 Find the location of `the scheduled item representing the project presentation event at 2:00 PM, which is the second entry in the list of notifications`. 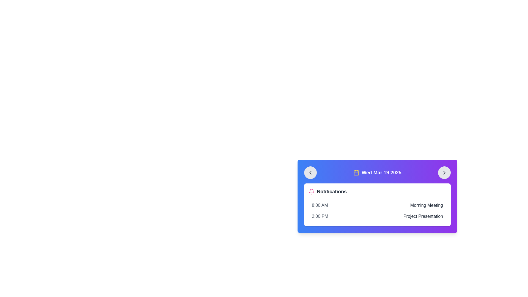

the scheduled item representing the project presentation event at 2:00 PM, which is the second entry in the list of notifications is located at coordinates (377, 216).